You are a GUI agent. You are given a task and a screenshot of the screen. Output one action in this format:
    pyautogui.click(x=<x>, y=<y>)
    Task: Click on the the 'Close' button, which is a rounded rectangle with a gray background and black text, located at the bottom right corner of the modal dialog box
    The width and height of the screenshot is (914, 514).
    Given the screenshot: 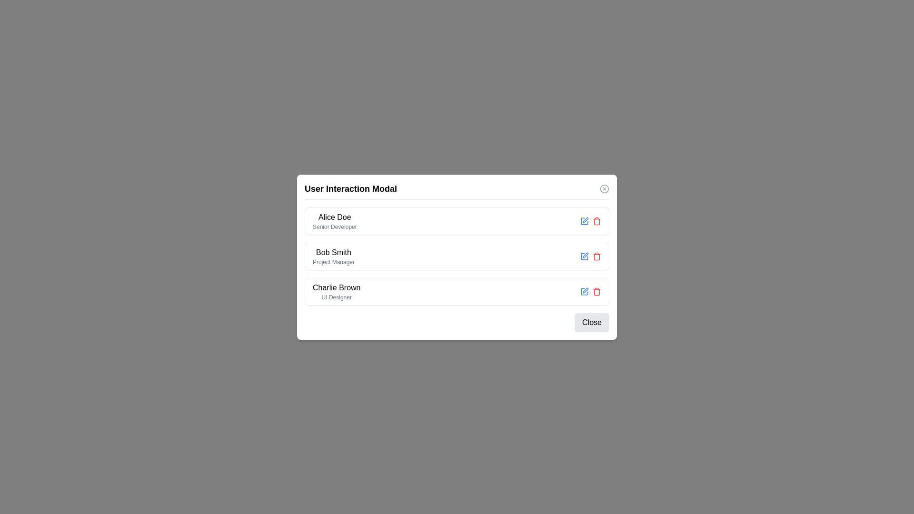 What is the action you would take?
    pyautogui.click(x=591, y=322)
    